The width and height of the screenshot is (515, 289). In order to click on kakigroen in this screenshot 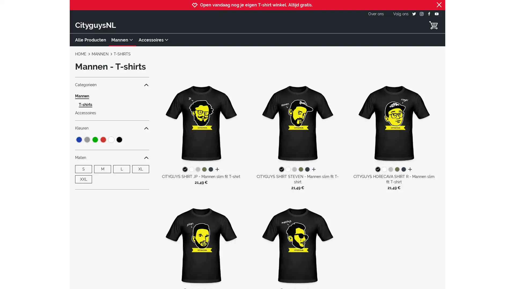, I will do `click(397, 169)`.